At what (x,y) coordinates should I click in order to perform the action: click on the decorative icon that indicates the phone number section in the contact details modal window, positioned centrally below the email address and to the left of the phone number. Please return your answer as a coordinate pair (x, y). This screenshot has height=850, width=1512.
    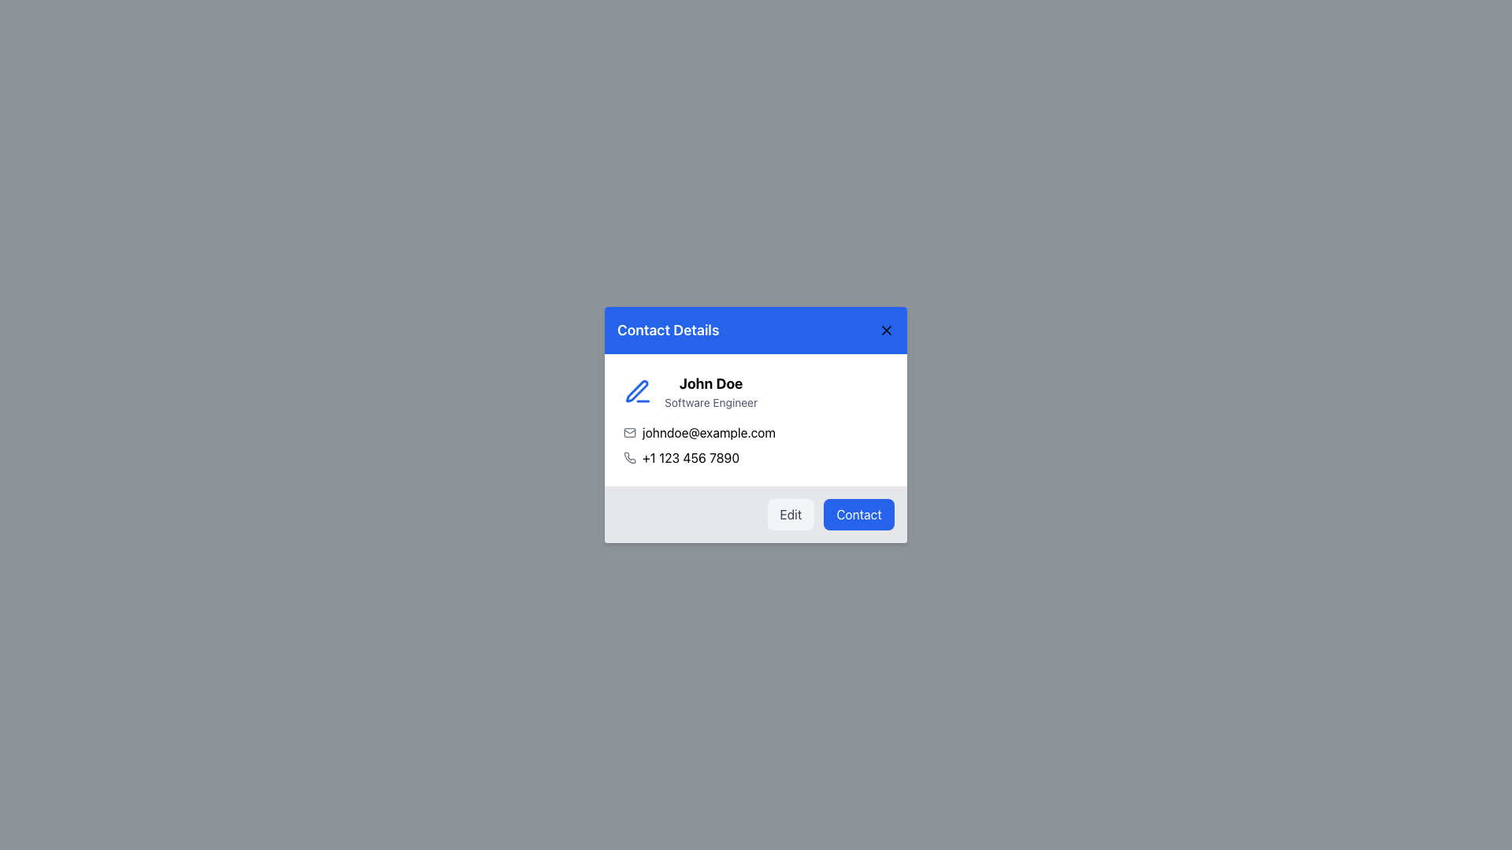
    Looking at the image, I should click on (630, 458).